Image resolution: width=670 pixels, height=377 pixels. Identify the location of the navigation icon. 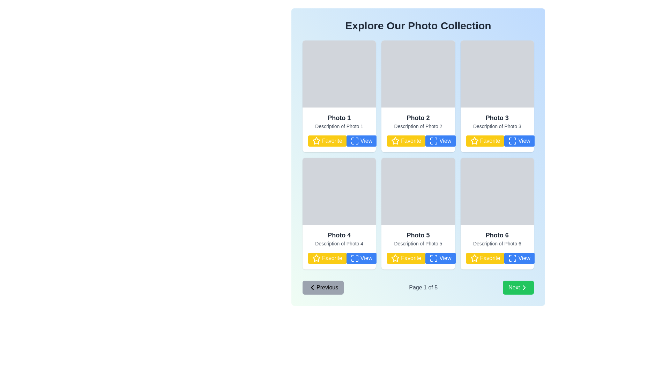
(312, 288).